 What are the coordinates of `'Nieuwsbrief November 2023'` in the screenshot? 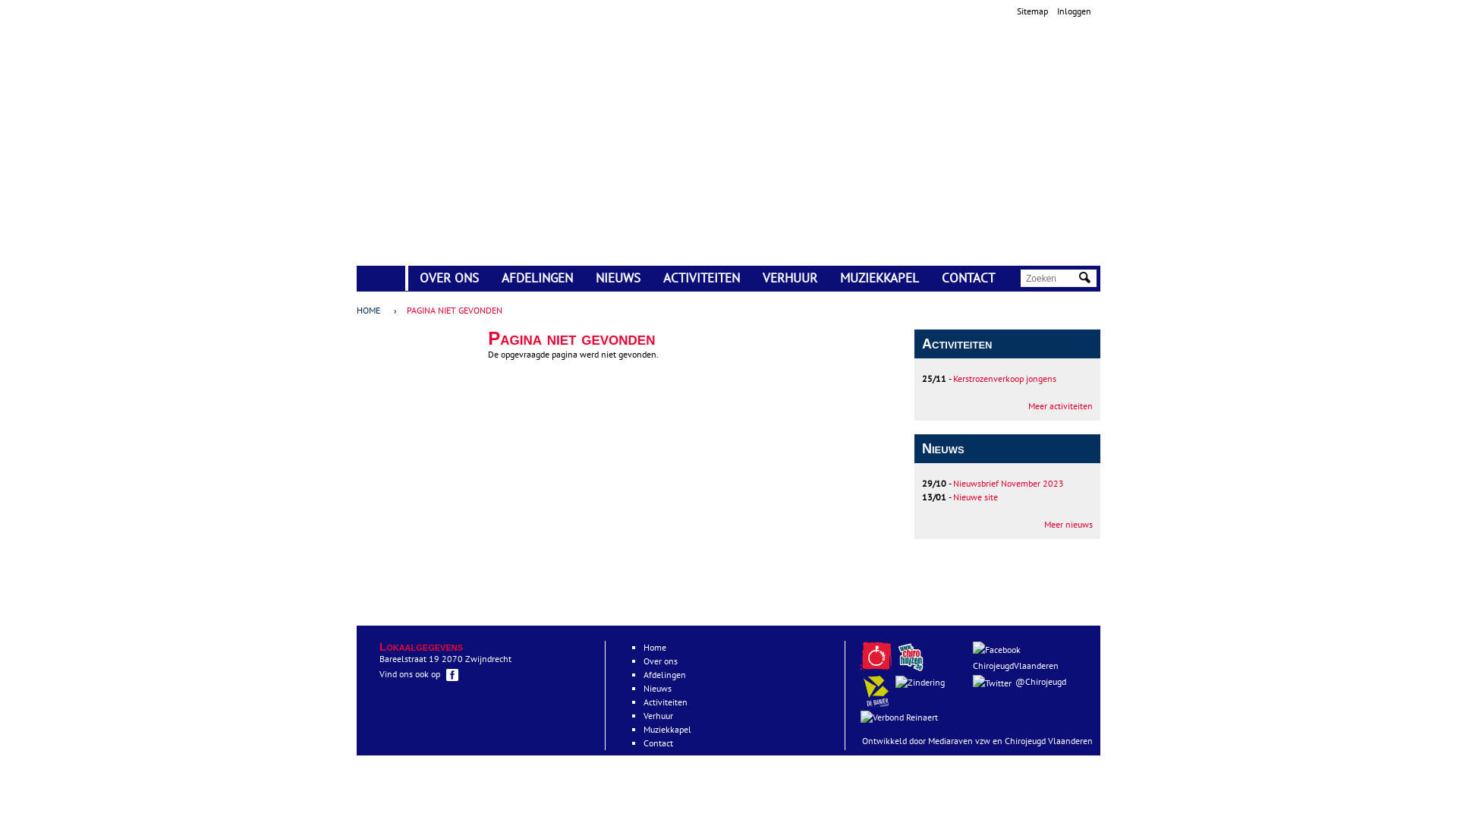 It's located at (1009, 483).